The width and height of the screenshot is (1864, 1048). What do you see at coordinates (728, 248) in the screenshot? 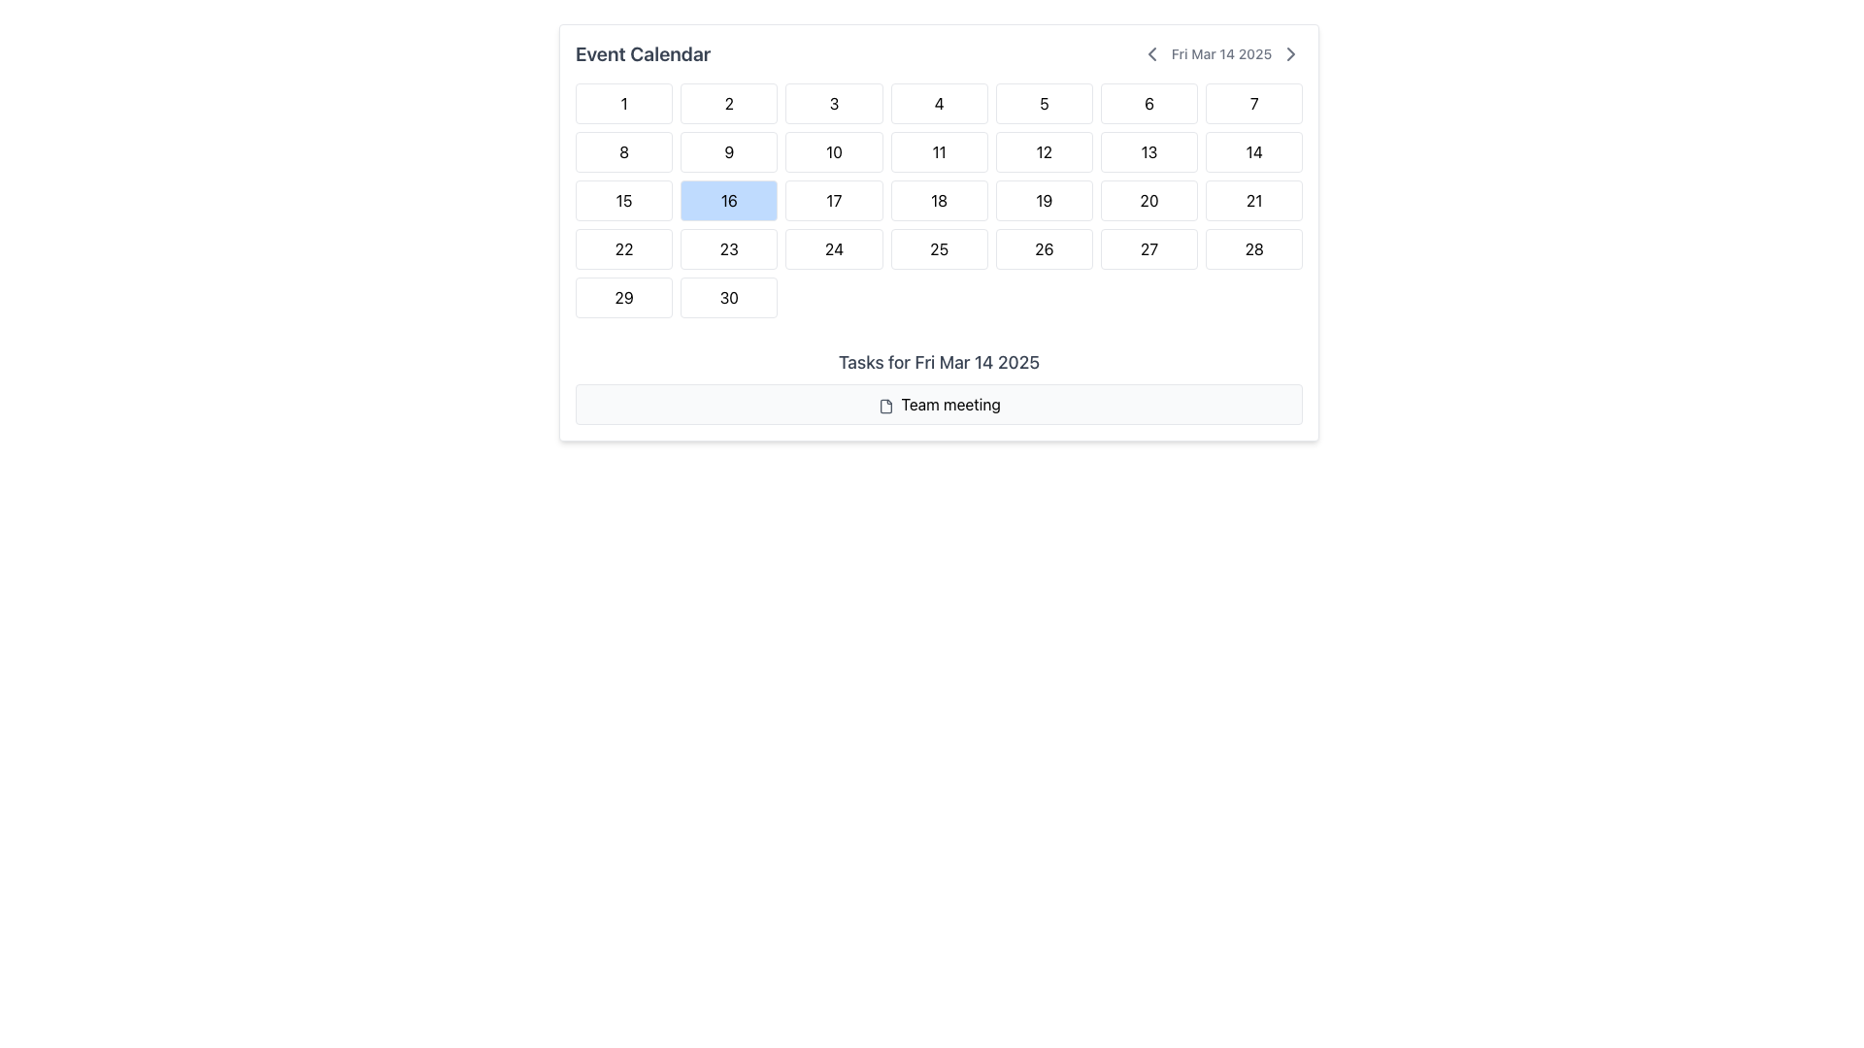
I see `the calendar date item representing the 23rd of the current month` at bounding box center [728, 248].